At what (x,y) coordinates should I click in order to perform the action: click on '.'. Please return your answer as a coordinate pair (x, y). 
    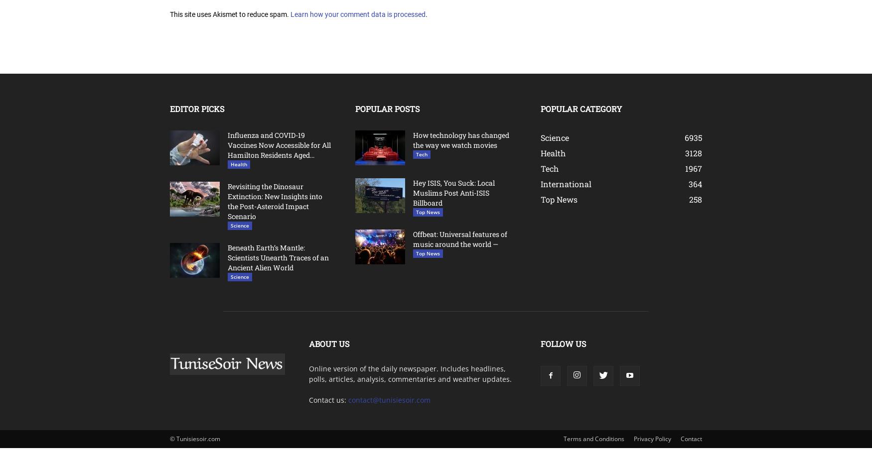
    Looking at the image, I should click on (426, 13).